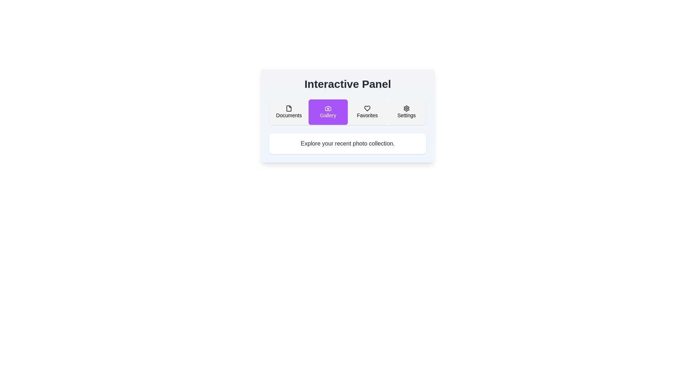 This screenshot has height=392, width=697. I want to click on the 'Documents' button, which is a light gray rectangular button with rounded corners and a document icon at the top center, to observe a background color change, so click(289, 112).